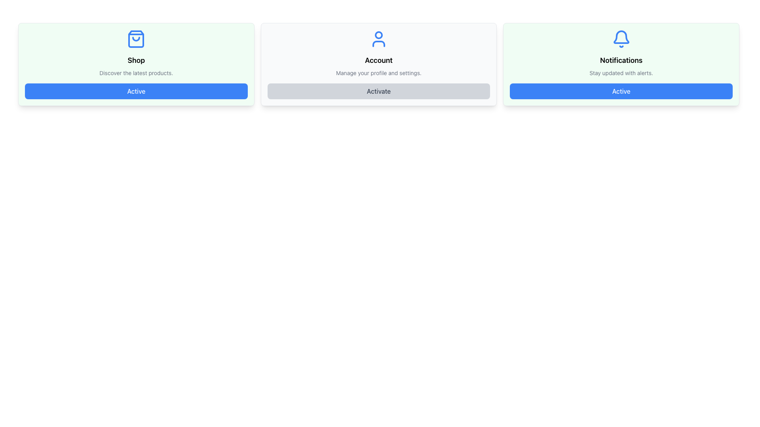 Image resolution: width=760 pixels, height=427 pixels. Describe the element at coordinates (378, 39) in the screenshot. I see `the user account icon located at the top-center of the 'Account' card in the three-card layout` at that location.